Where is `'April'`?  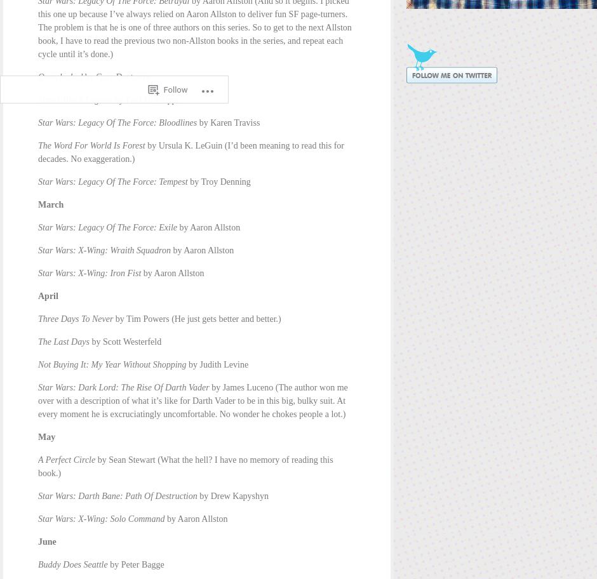
'April' is located at coordinates (37, 296).